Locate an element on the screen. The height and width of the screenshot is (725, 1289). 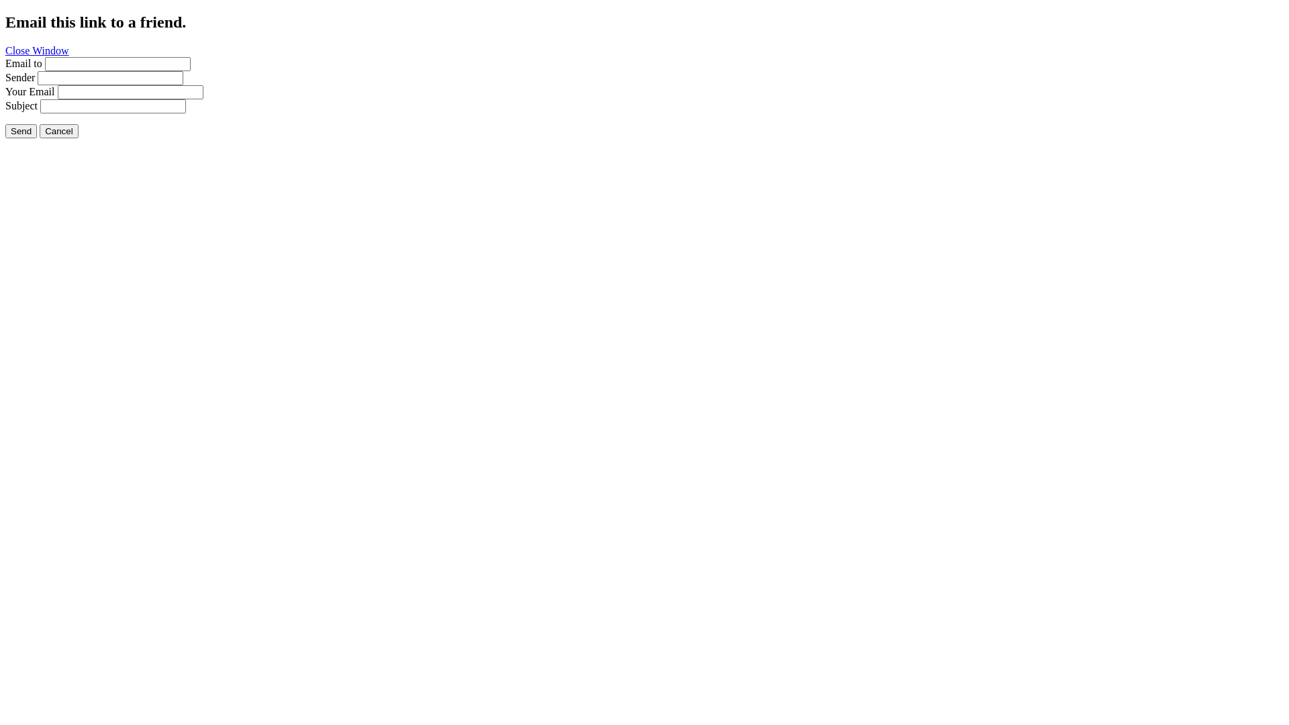
'Close Window' is located at coordinates (37, 50).